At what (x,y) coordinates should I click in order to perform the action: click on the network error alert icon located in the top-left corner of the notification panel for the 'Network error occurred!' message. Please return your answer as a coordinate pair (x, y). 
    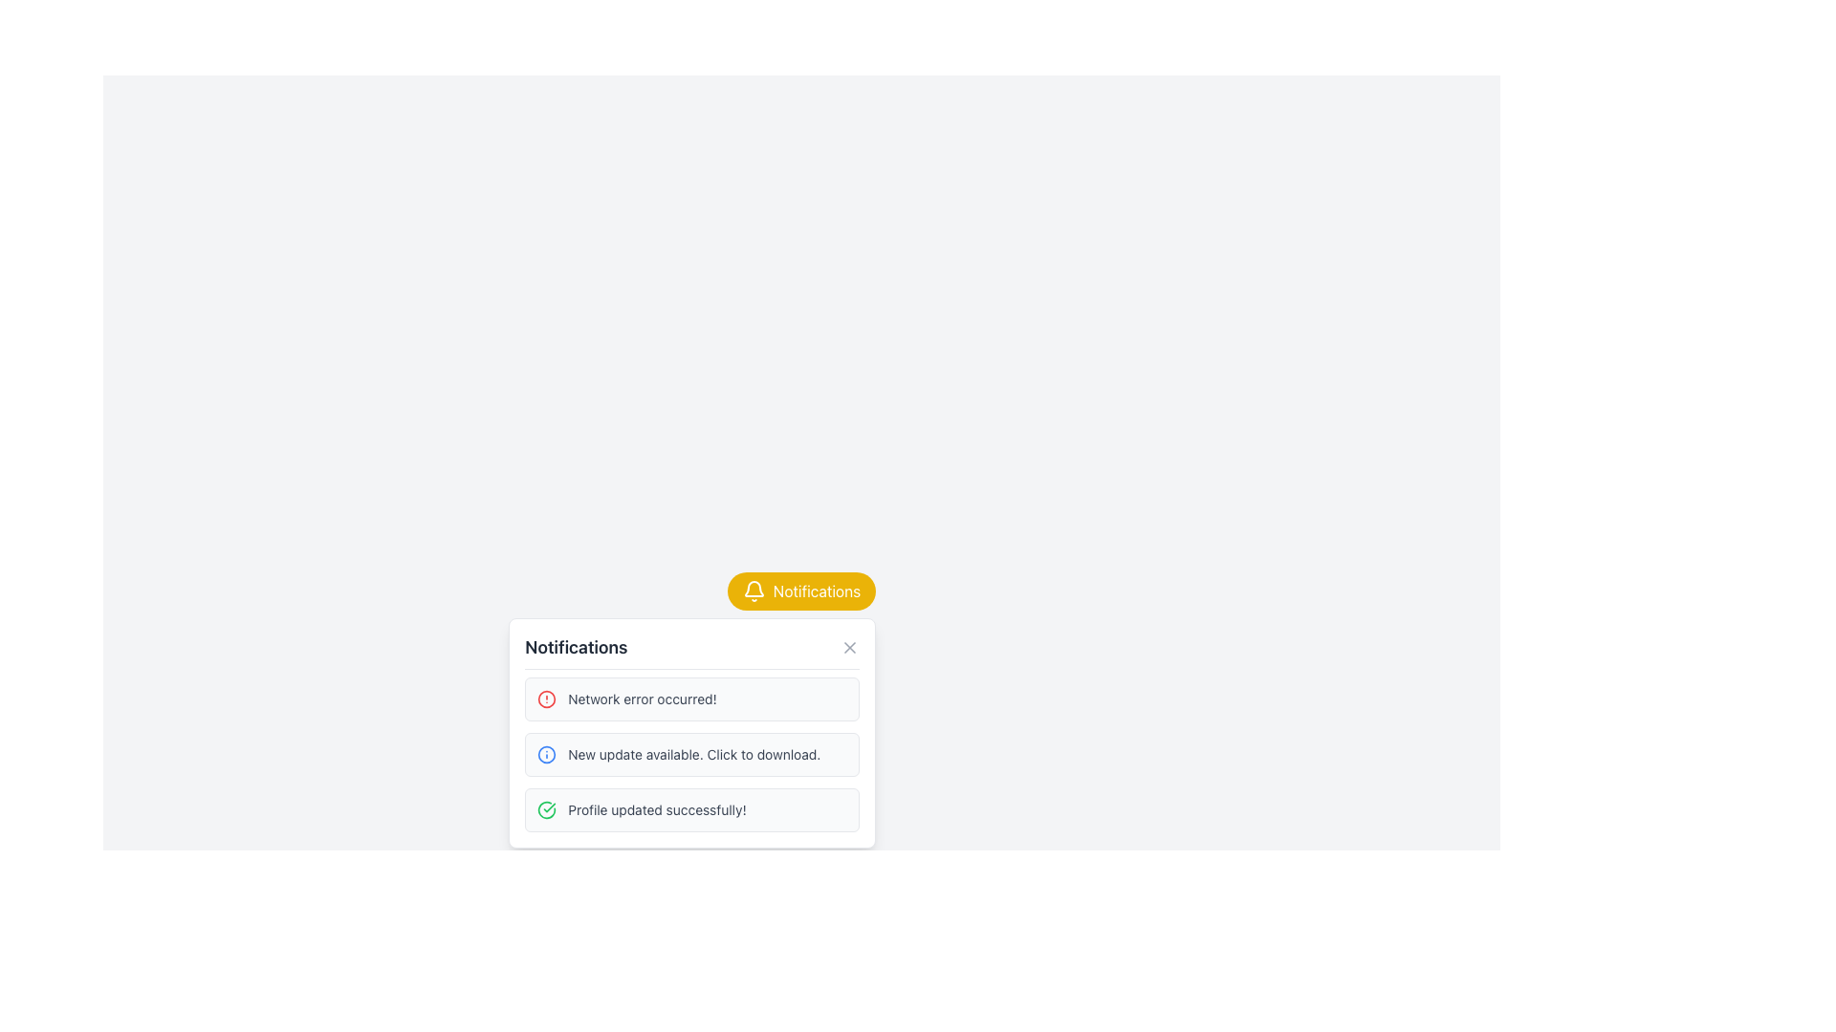
    Looking at the image, I should click on (546, 699).